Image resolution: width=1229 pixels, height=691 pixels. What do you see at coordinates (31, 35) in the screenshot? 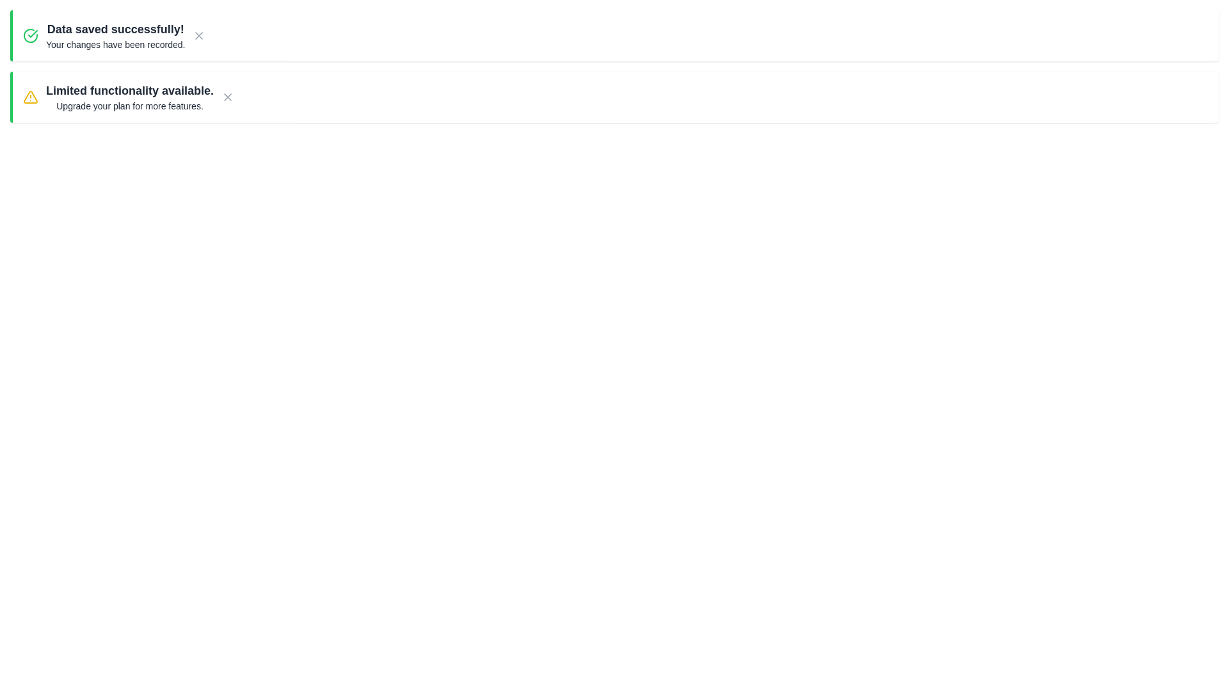
I see `the notification icon to observe its type` at bounding box center [31, 35].